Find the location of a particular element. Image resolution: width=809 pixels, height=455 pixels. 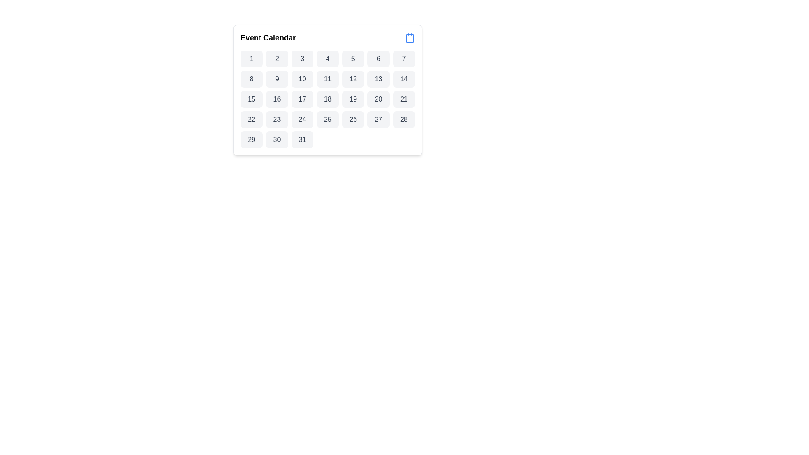

the button representing the 12th day in the Event Calendar is located at coordinates (353, 79).